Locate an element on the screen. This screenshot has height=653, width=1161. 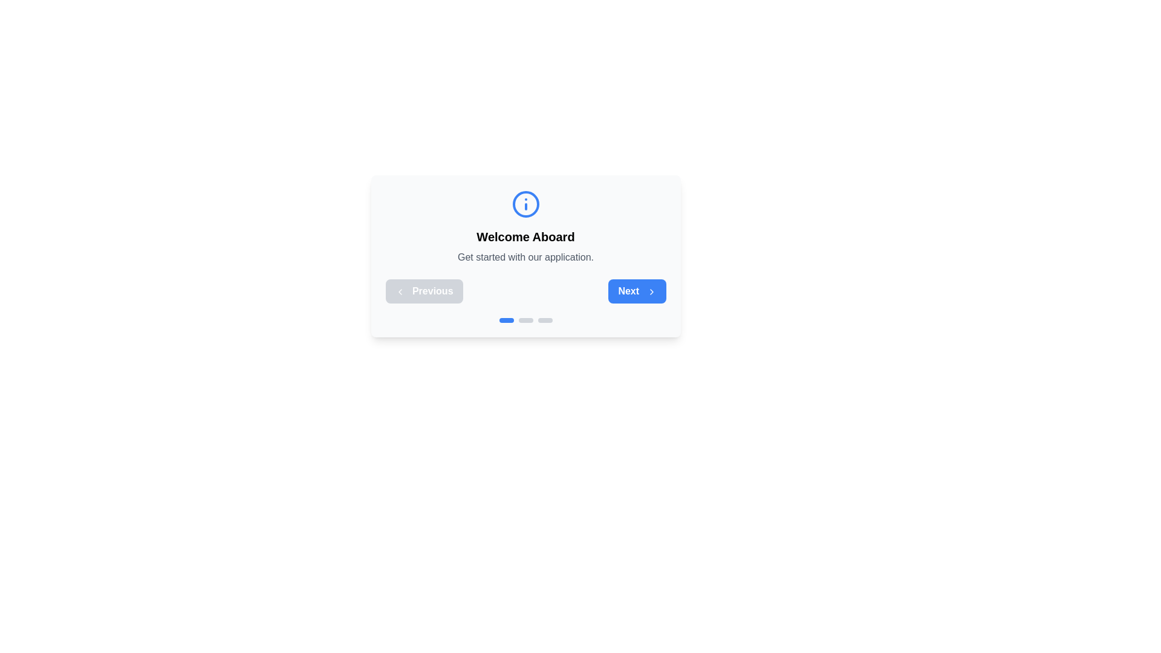
the visual state of the progress indicator, which consists of three horizontally arranged rounded rectangles, with the left one filled blue indicating the current state is located at coordinates (525, 319).